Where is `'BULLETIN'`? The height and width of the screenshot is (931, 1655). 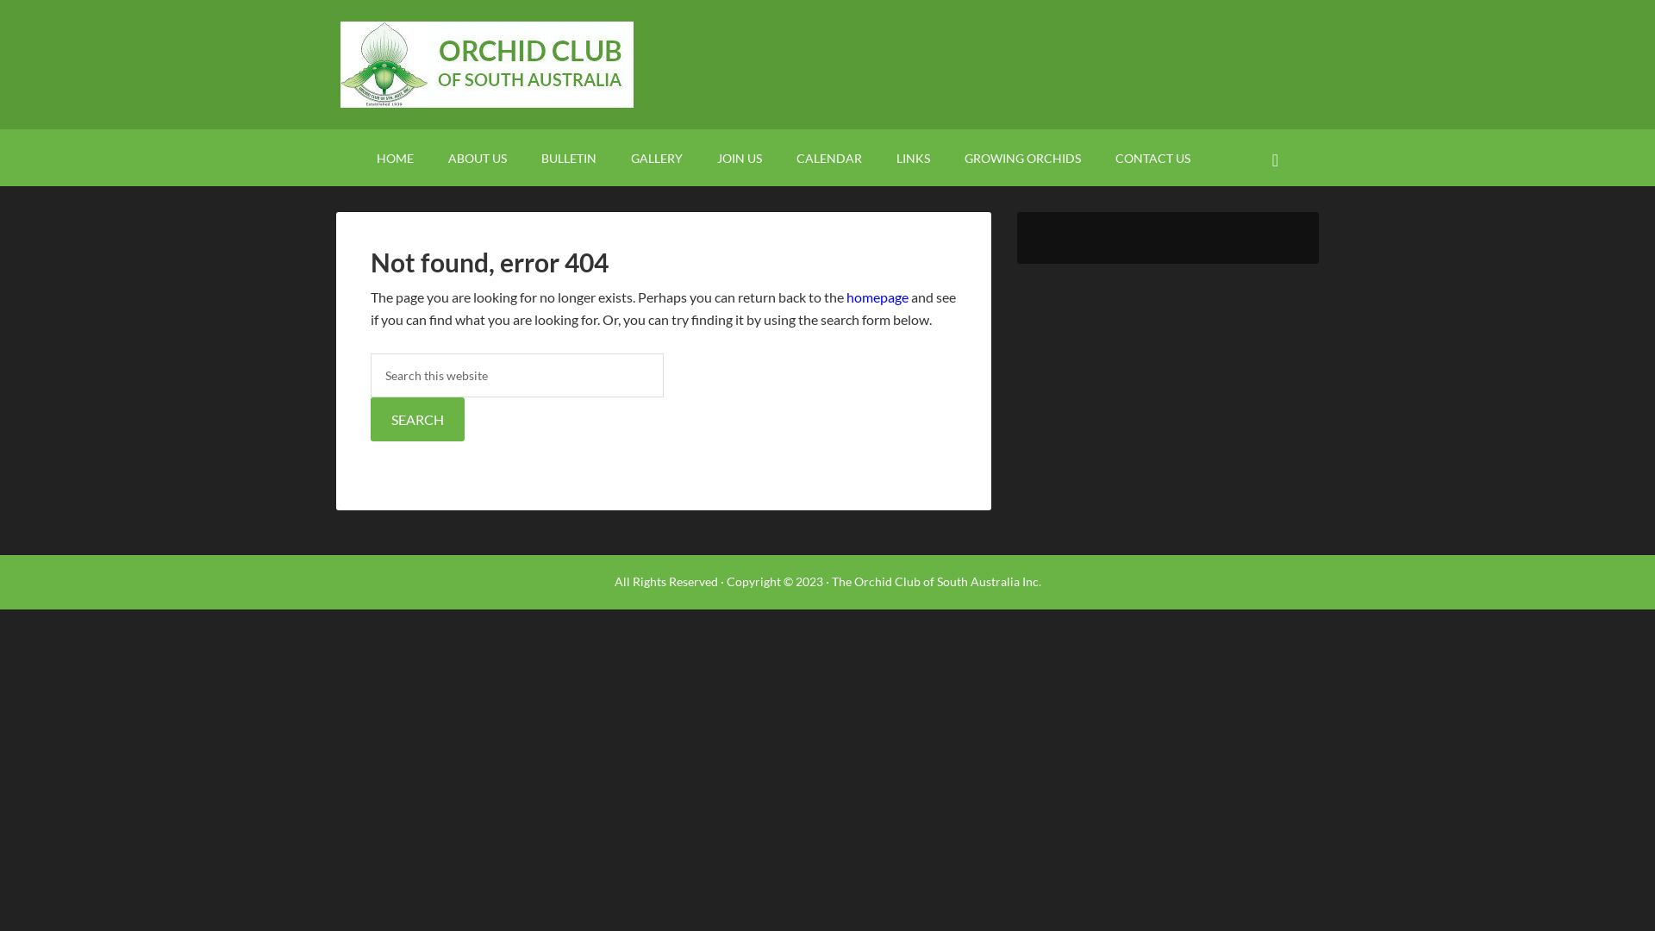 'BULLETIN' is located at coordinates (569, 157).